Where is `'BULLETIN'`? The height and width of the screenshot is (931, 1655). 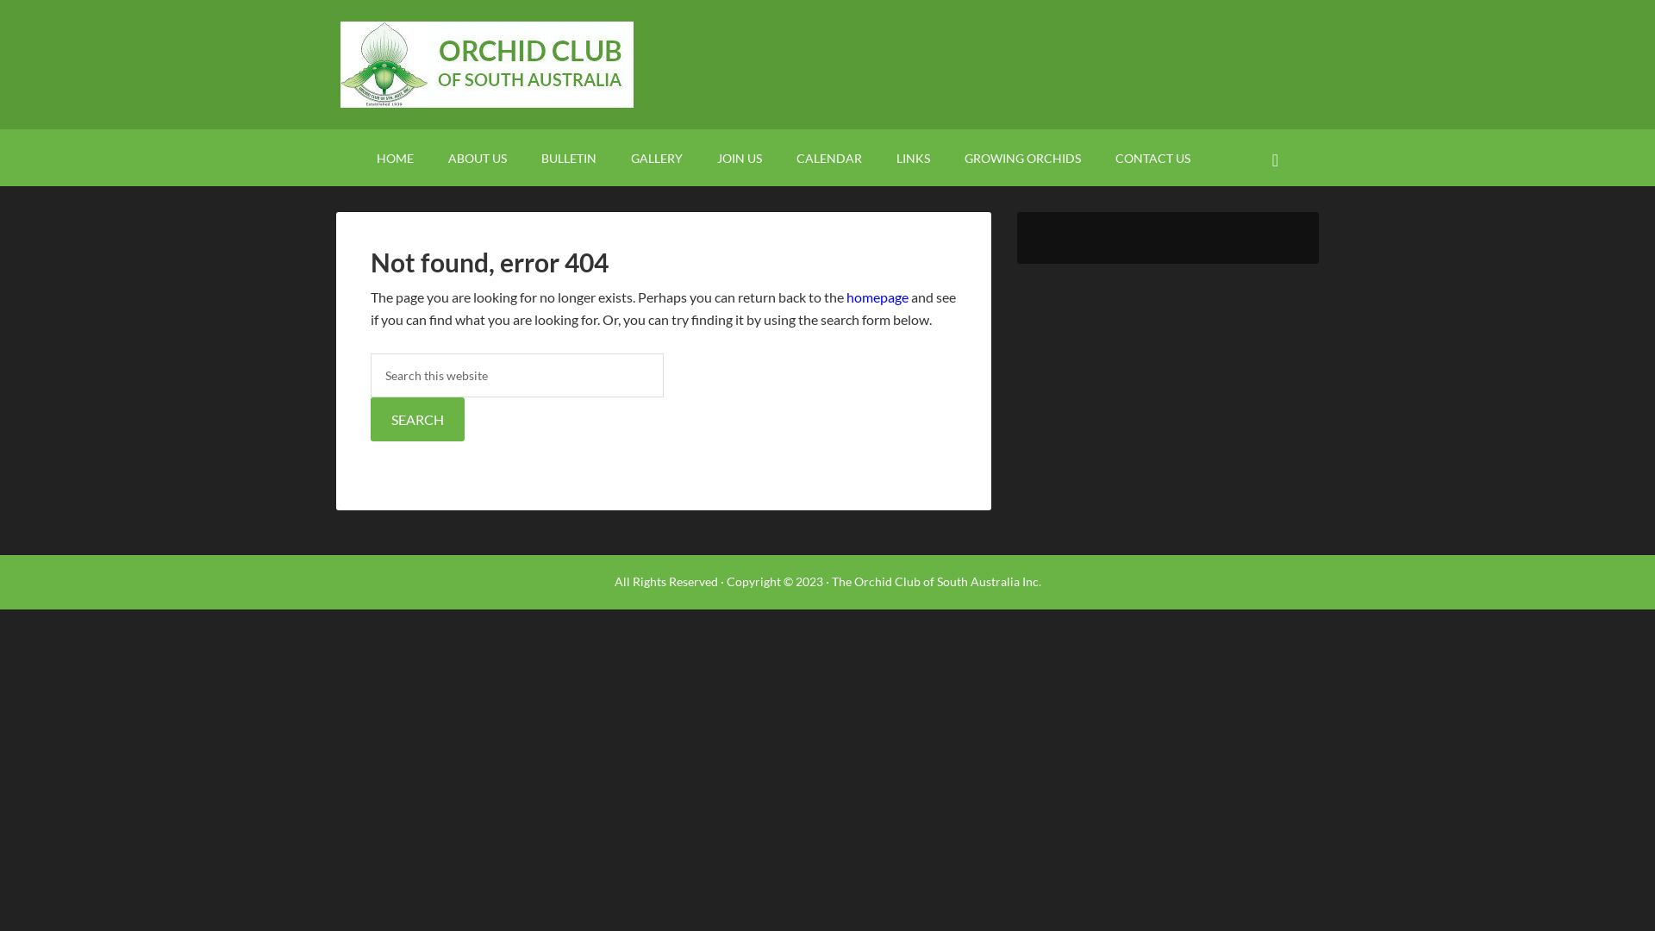 'BULLETIN' is located at coordinates (569, 157).